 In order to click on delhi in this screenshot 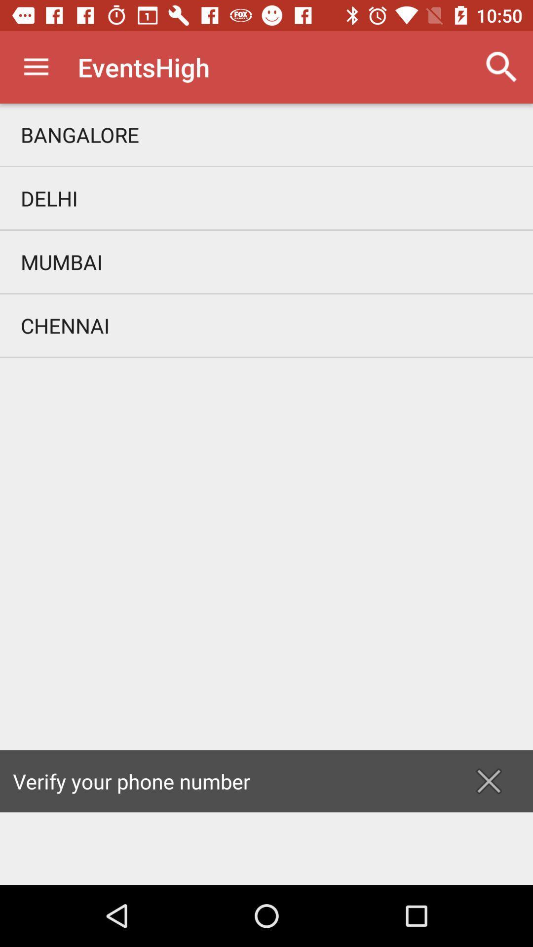, I will do `click(266, 198)`.